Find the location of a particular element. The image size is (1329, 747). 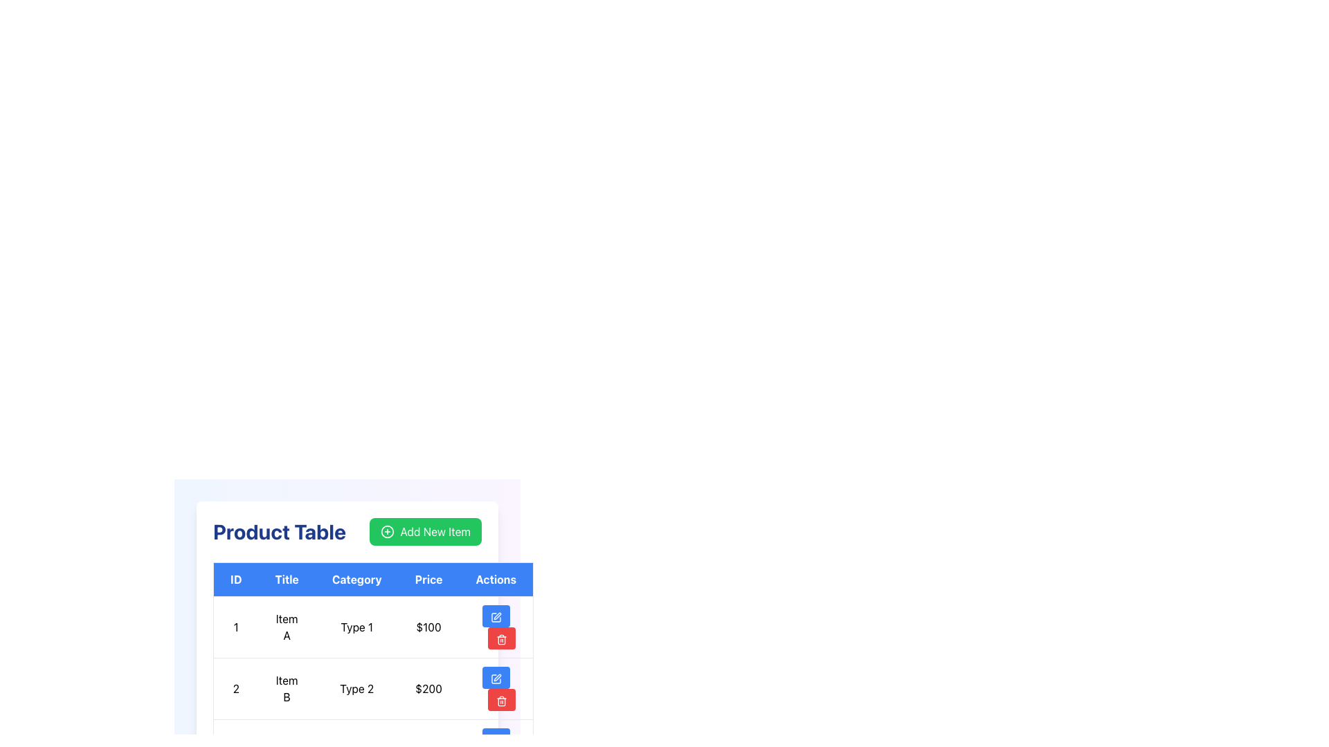

the static text label displaying 'Type 1' which is located under the 'Category' header in the first row of the table is located at coordinates (356, 627).